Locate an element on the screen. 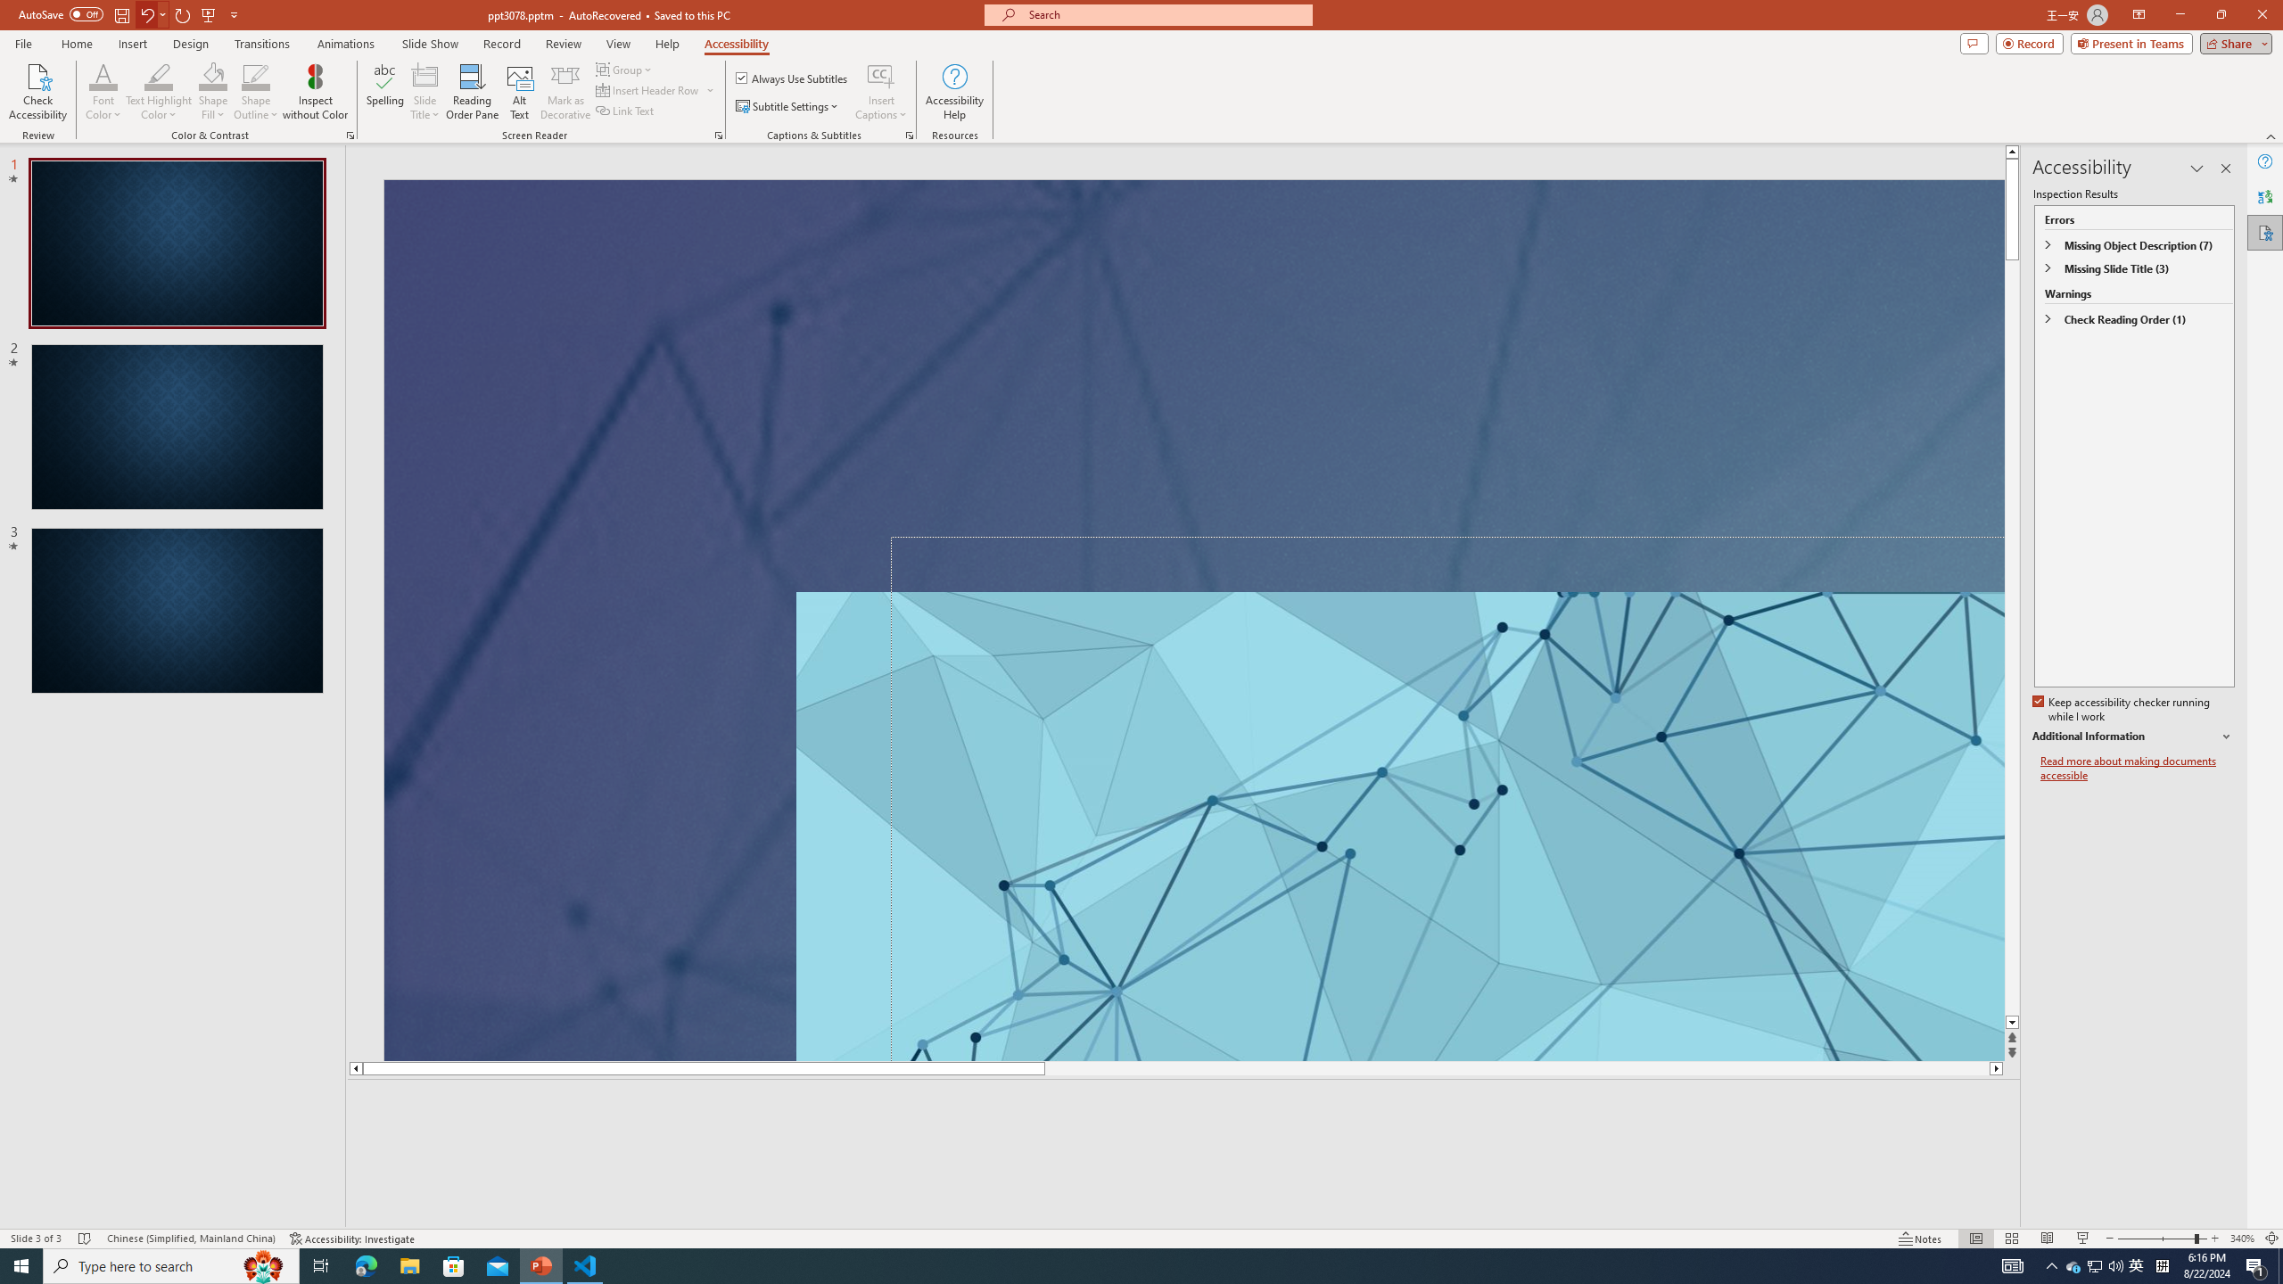  'Accessibility Help' is located at coordinates (955, 92).